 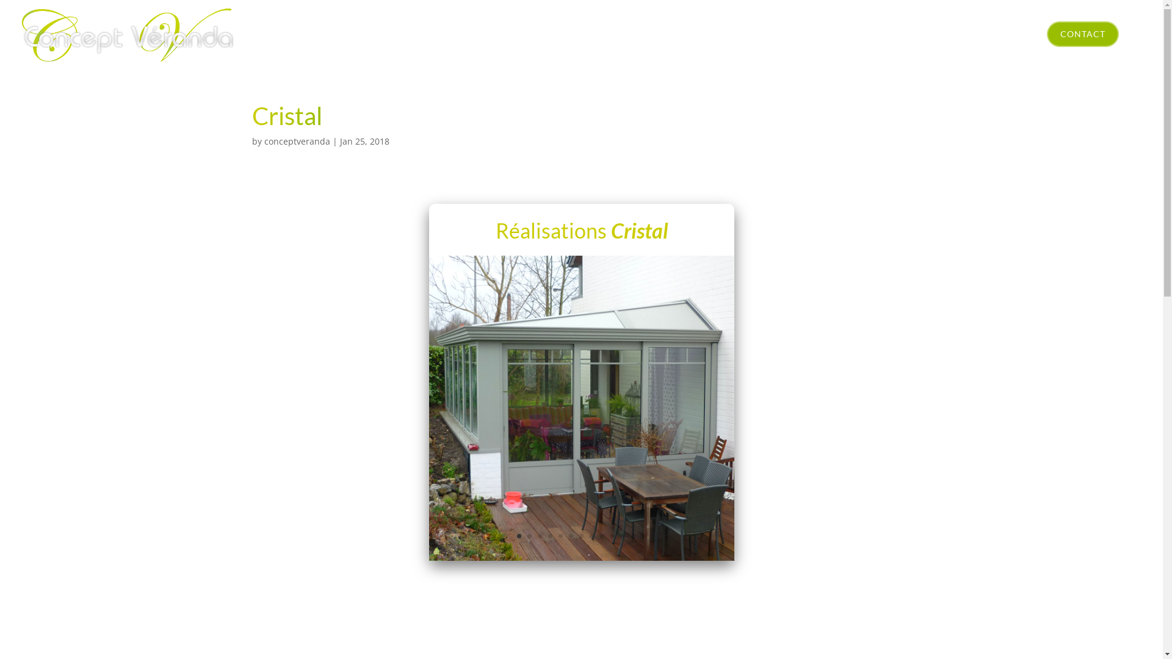 What do you see at coordinates (570, 535) in the screenshot?
I see `'6'` at bounding box center [570, 535].